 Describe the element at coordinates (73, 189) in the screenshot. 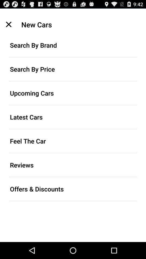

I see `the offers & discounts icon` at that location.